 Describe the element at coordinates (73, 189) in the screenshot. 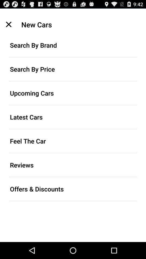

I see `the offers & discounts icon` at that location.